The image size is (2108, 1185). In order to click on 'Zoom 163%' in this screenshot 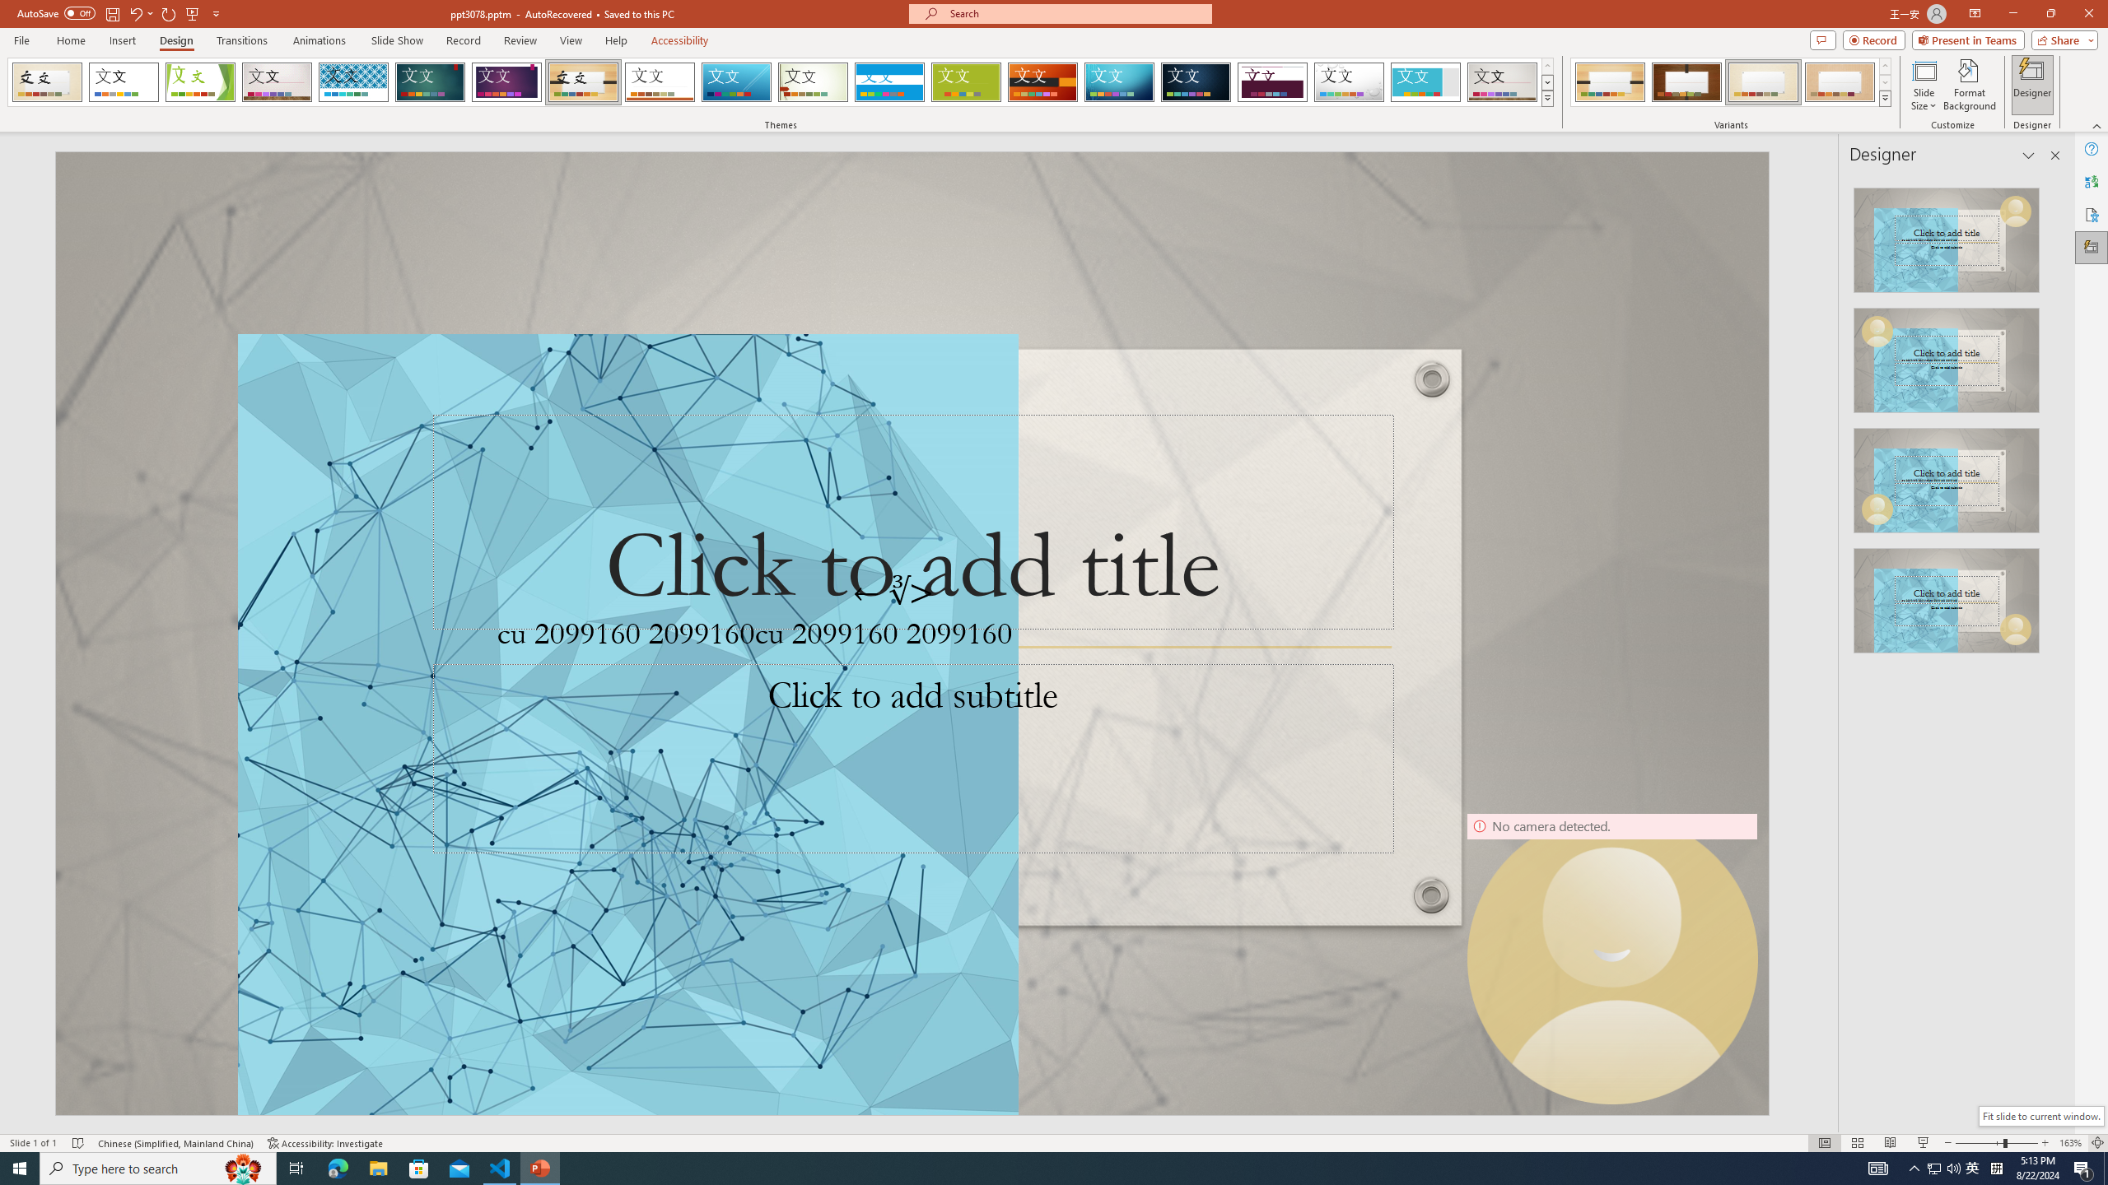, I will do `click(2071, 1143)`.